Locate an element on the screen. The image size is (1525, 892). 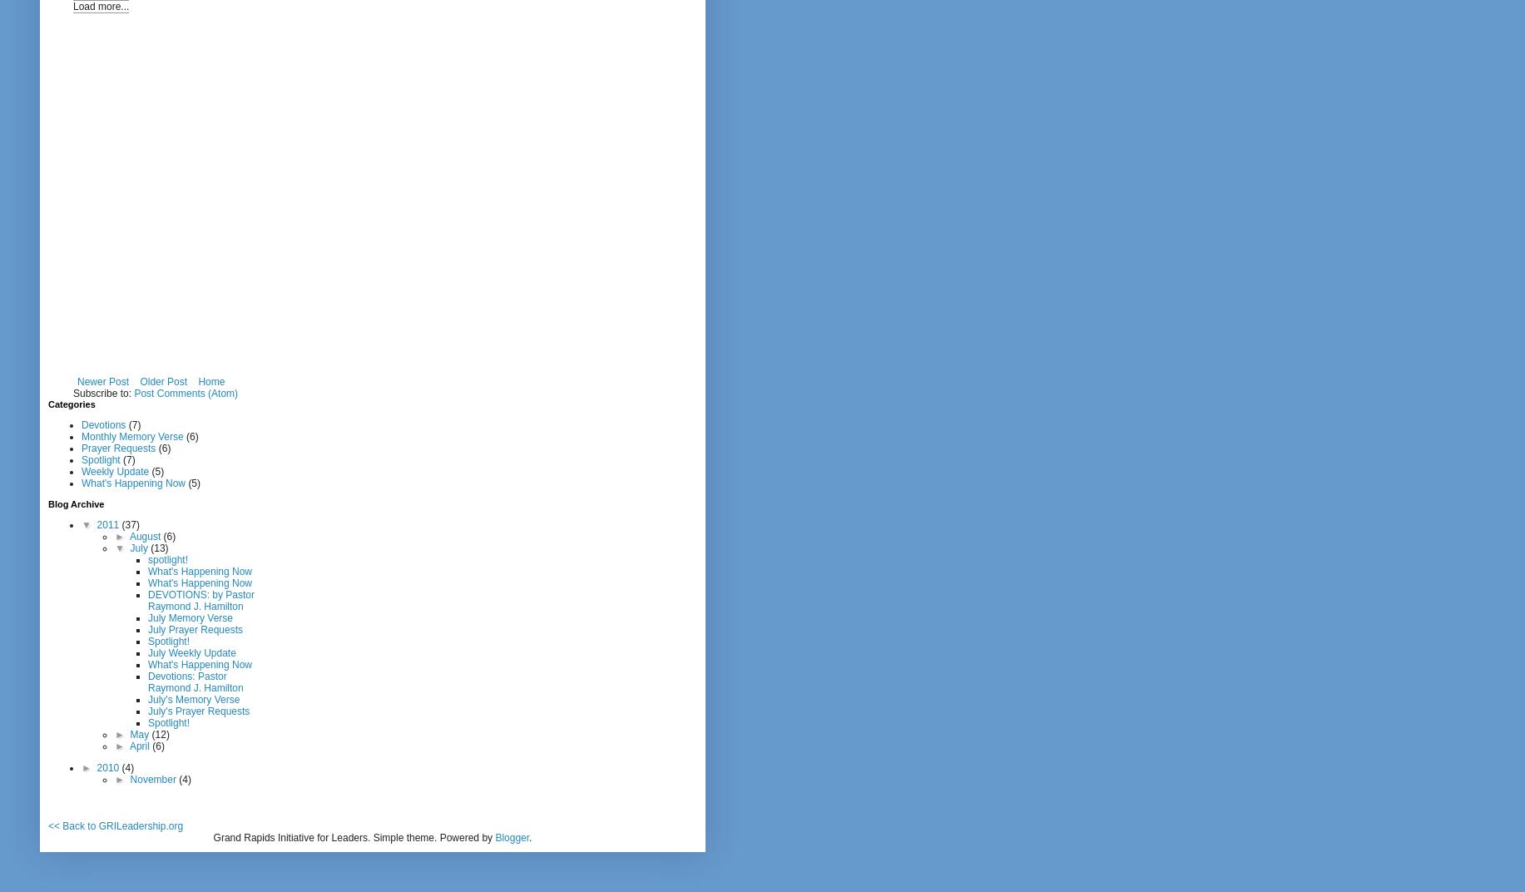
'Devotions: Pastor Raymond J. Hamilton' is located at coordinates (195, 681).